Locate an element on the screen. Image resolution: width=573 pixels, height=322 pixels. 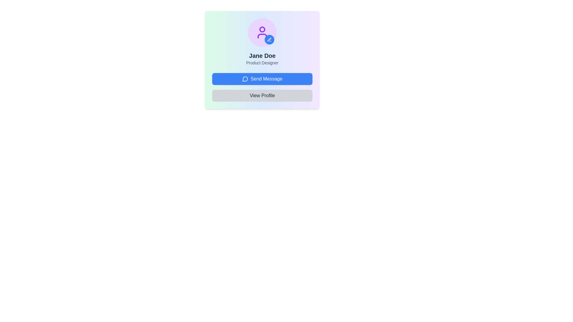
the 'Send Message' button, which is a blue rounded rectangular button with the text in white and a chat bubble icon on the left is located at coordinates (266, 79).